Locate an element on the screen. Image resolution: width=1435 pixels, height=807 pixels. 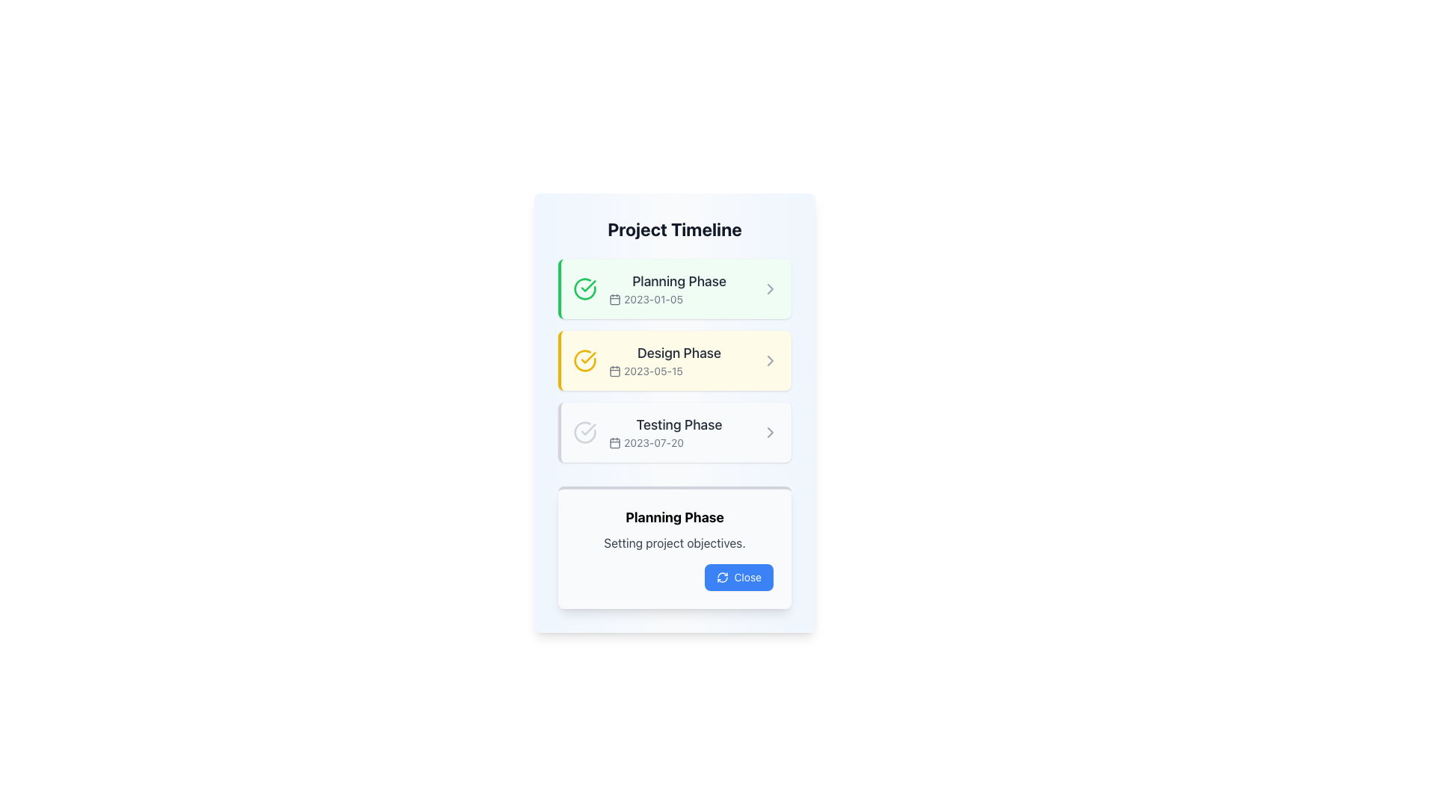
the 'Design Phase' text label, which is styled in a large, bold font with a dark gray color and is prominently displayed in a vertical list interface with a light yellow background is located at coordinates (678, 353).